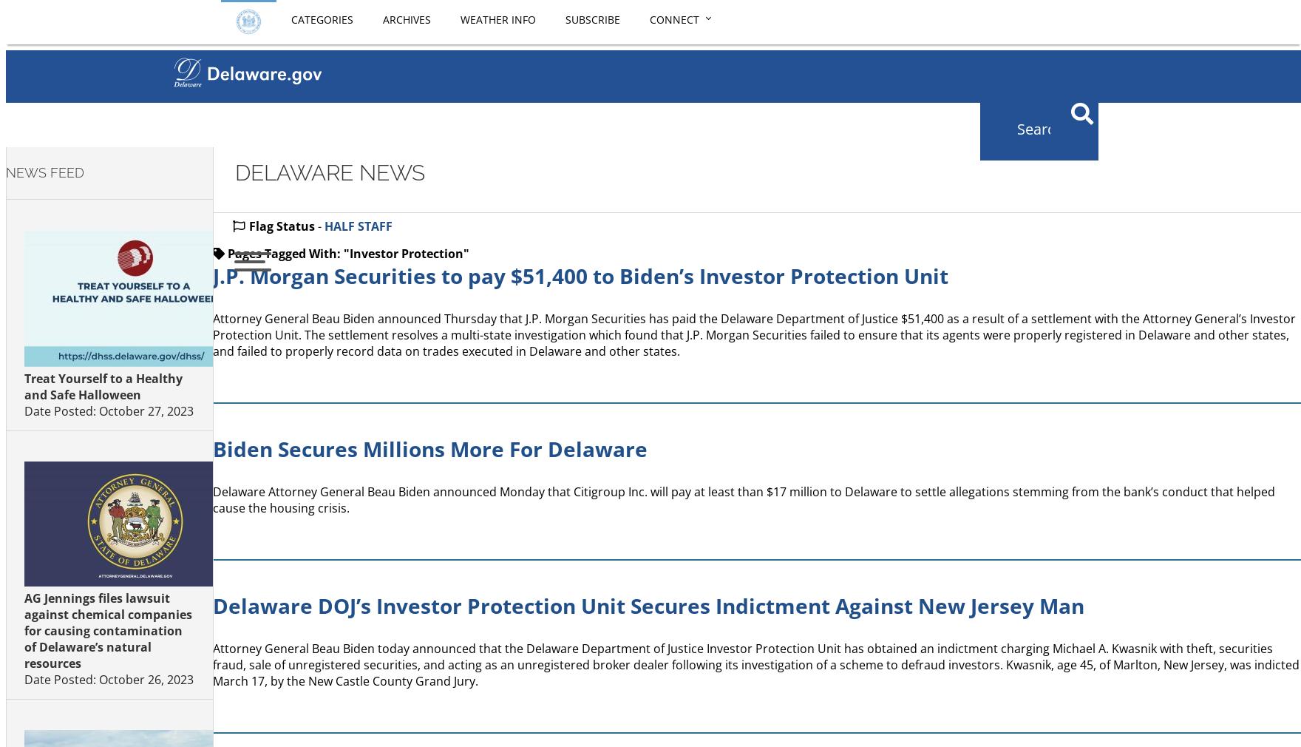  Describe the element at coordinates (24, 409) in the screenshot. I see `'Date Posted: October 27, 2023'` at that location.